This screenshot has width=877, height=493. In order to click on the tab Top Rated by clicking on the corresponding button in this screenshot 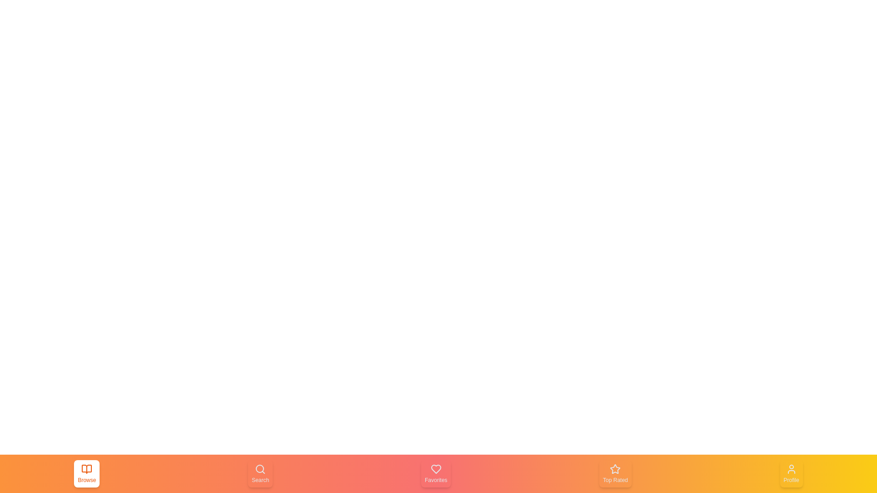, I will do `click(615, 473)`.